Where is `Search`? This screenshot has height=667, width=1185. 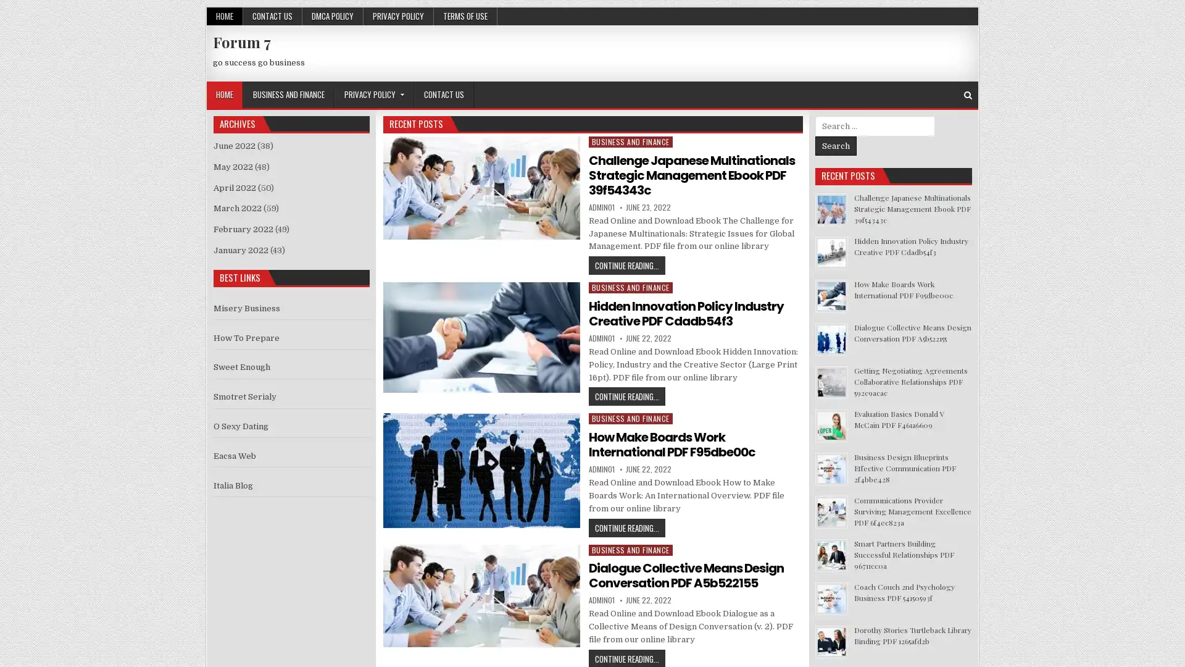 Search is located at coordinates (836, 145).